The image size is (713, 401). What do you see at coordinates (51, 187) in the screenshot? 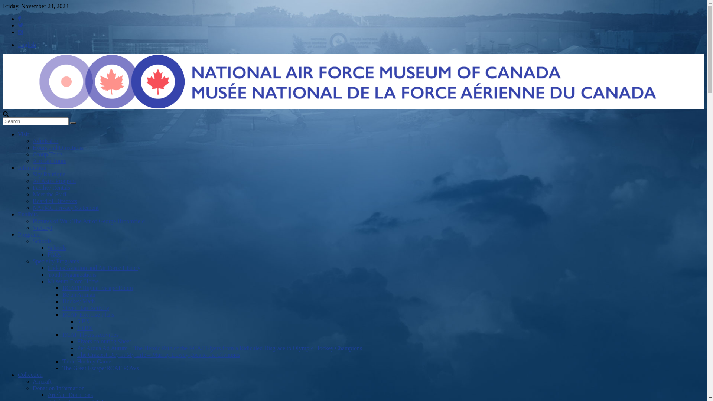
I see `'Facility Rentals'` at bounding box center [51, 187].